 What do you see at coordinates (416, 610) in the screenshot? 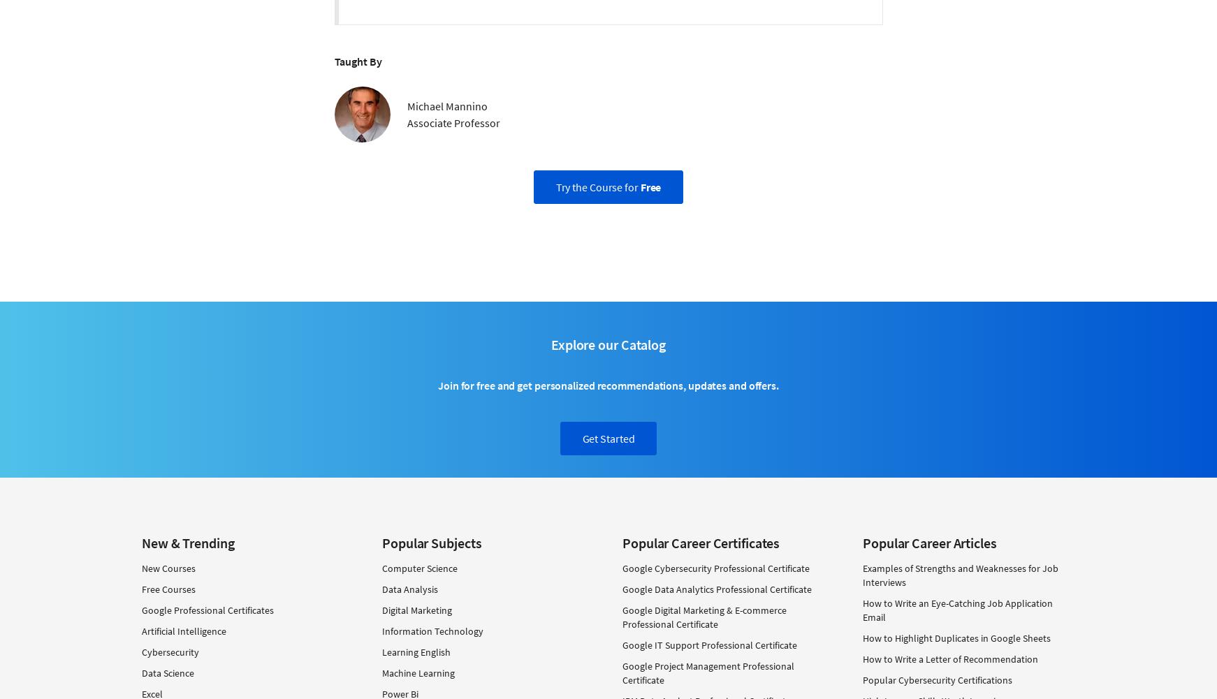
I see `'Digital Marketing'` at bounding box center [416, 610].